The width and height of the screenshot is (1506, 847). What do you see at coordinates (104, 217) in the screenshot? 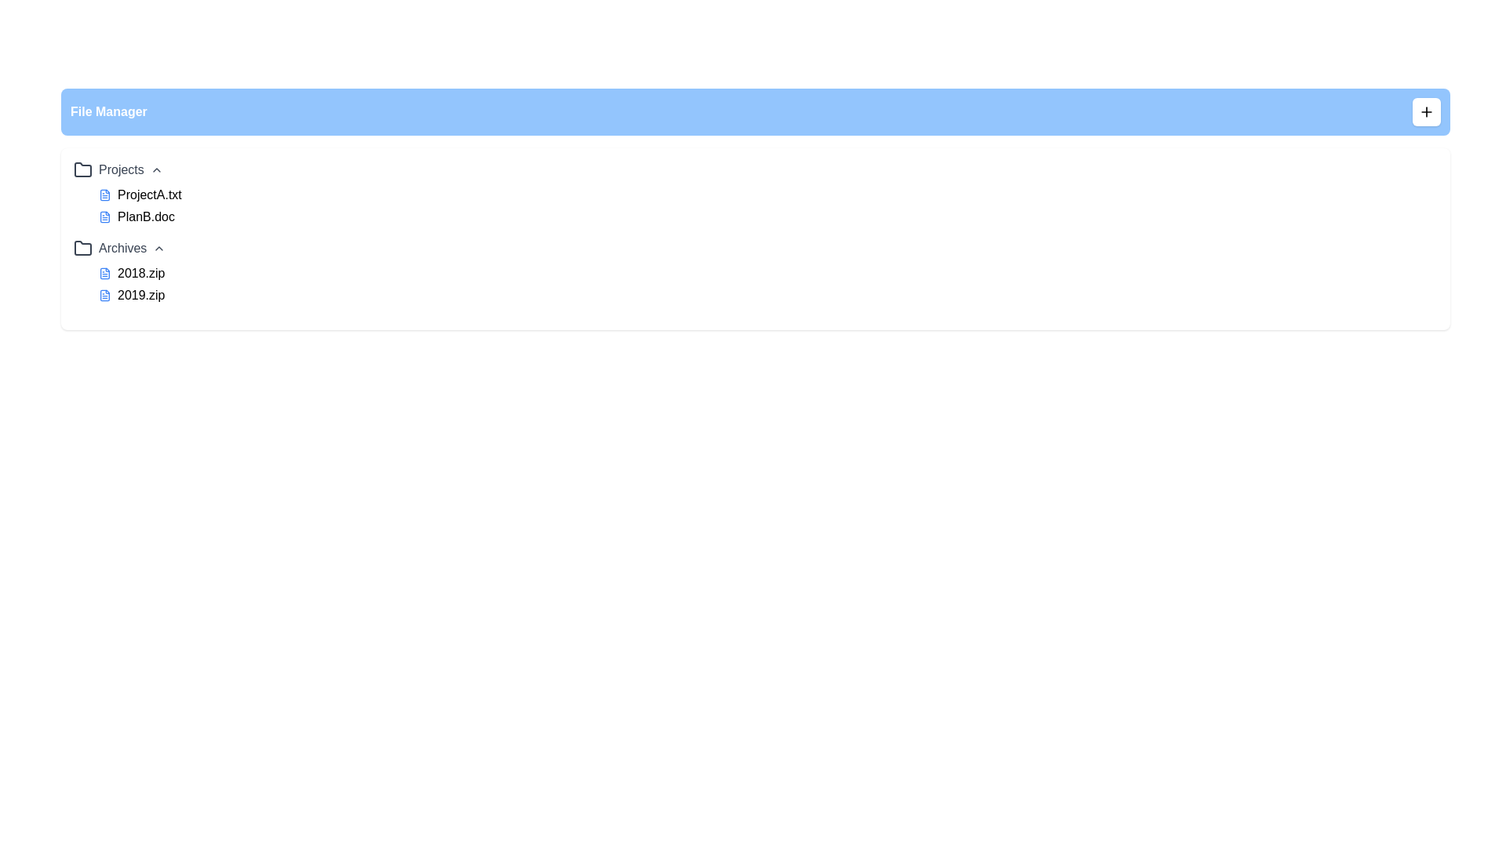
I see `the blue document file icon next` at bounding box center [104, 217].